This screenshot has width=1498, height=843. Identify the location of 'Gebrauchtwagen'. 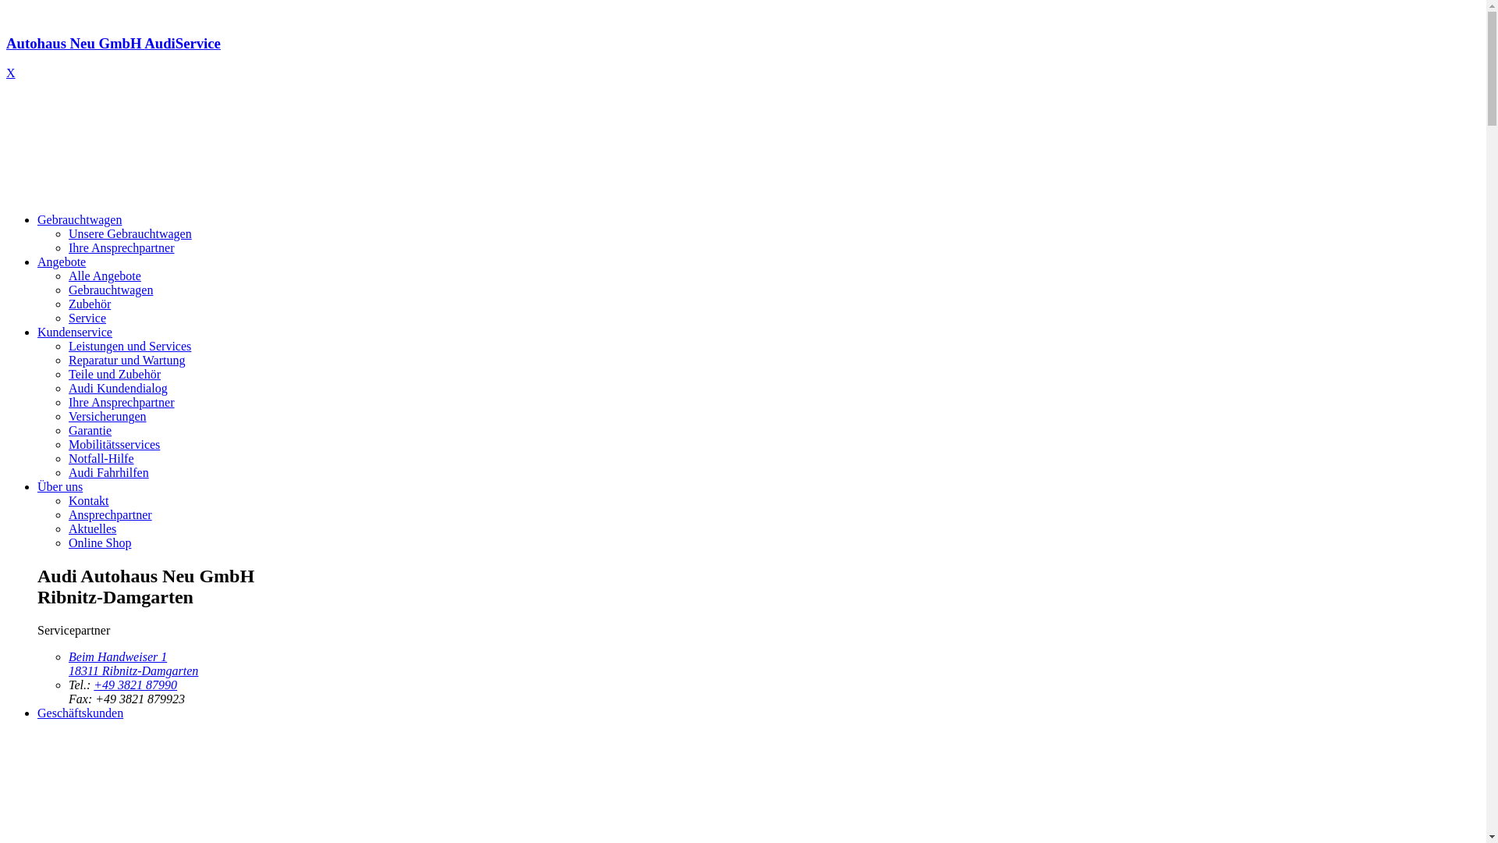
(37, 219).